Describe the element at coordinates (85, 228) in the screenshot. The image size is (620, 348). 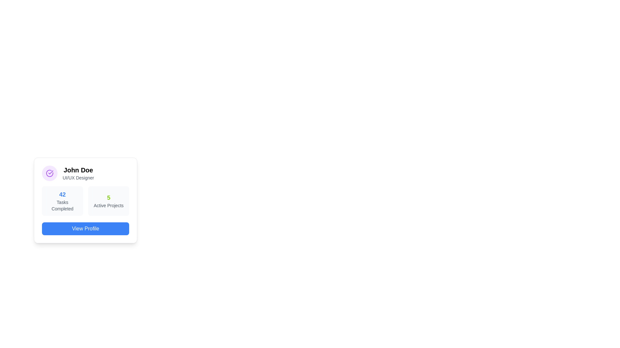
I see `the button located at the bottom of the card layout containing details about 'John Doe', 'UI/UX Designer', '42 Tasks Completed', and '5 Active Projects' to trigger the hover effect` at that location.